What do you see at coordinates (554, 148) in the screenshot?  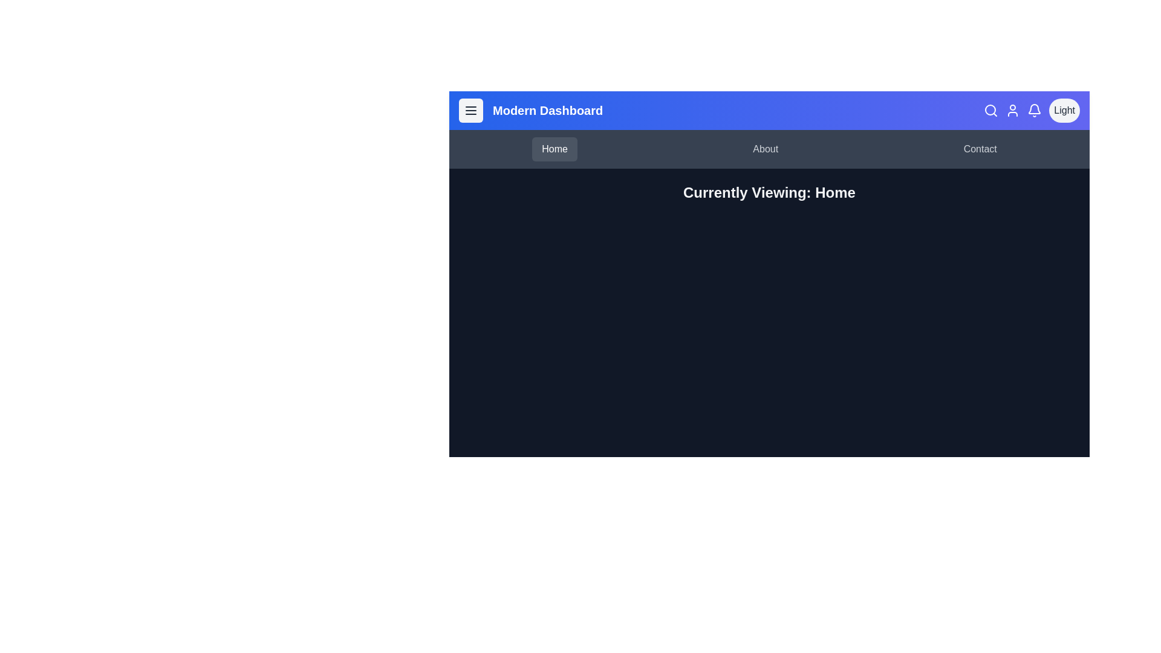 I see `the navigation tab Home to view the hover effect` at bounding box center [554, 148].